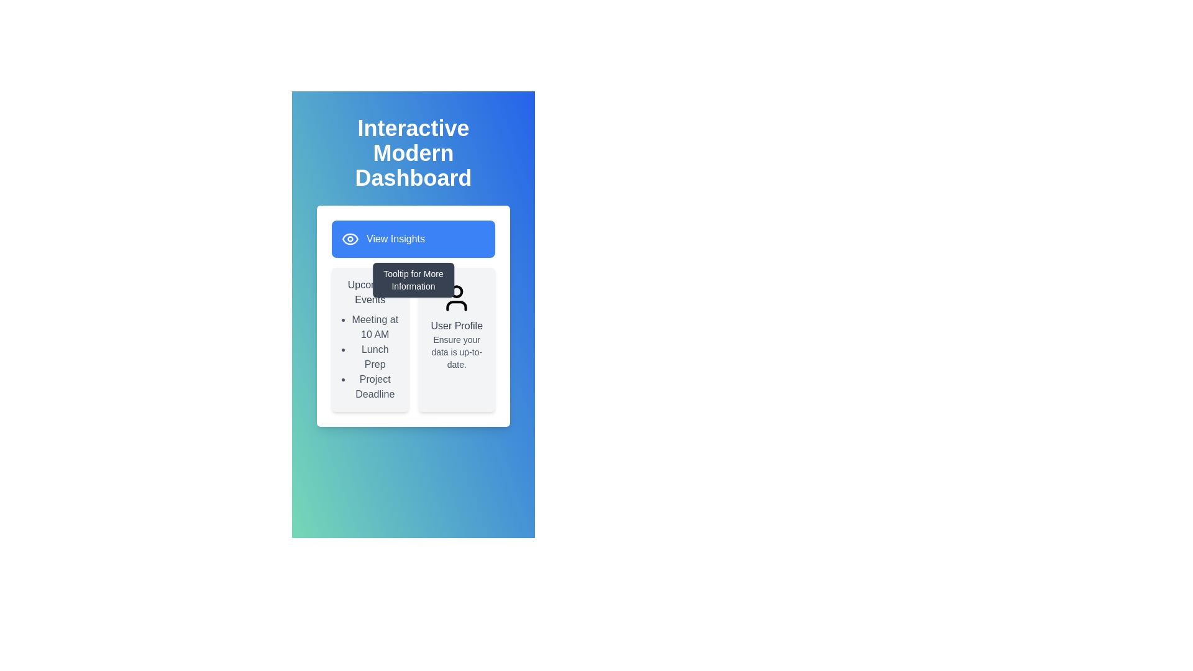 The width and height of the screenshot is (1193, 671). What do you see at coordinates (374, 357) in the screenshot?
I see `the 'Lunch Prep' text item in the bulleted list to interact with its associated event` at bounding box center [374, 357].